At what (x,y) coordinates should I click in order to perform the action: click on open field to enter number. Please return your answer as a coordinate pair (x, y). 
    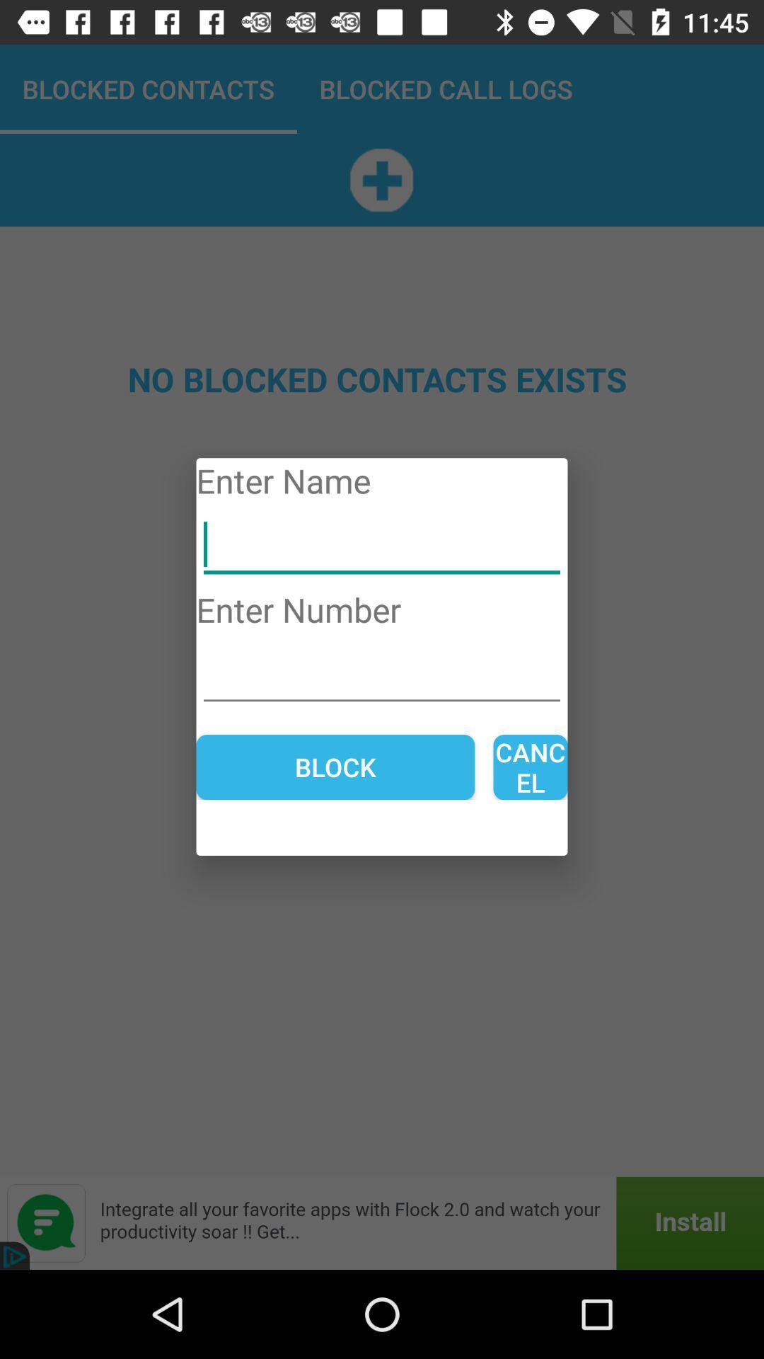
    Looking at the image, I should click on (382, 673).